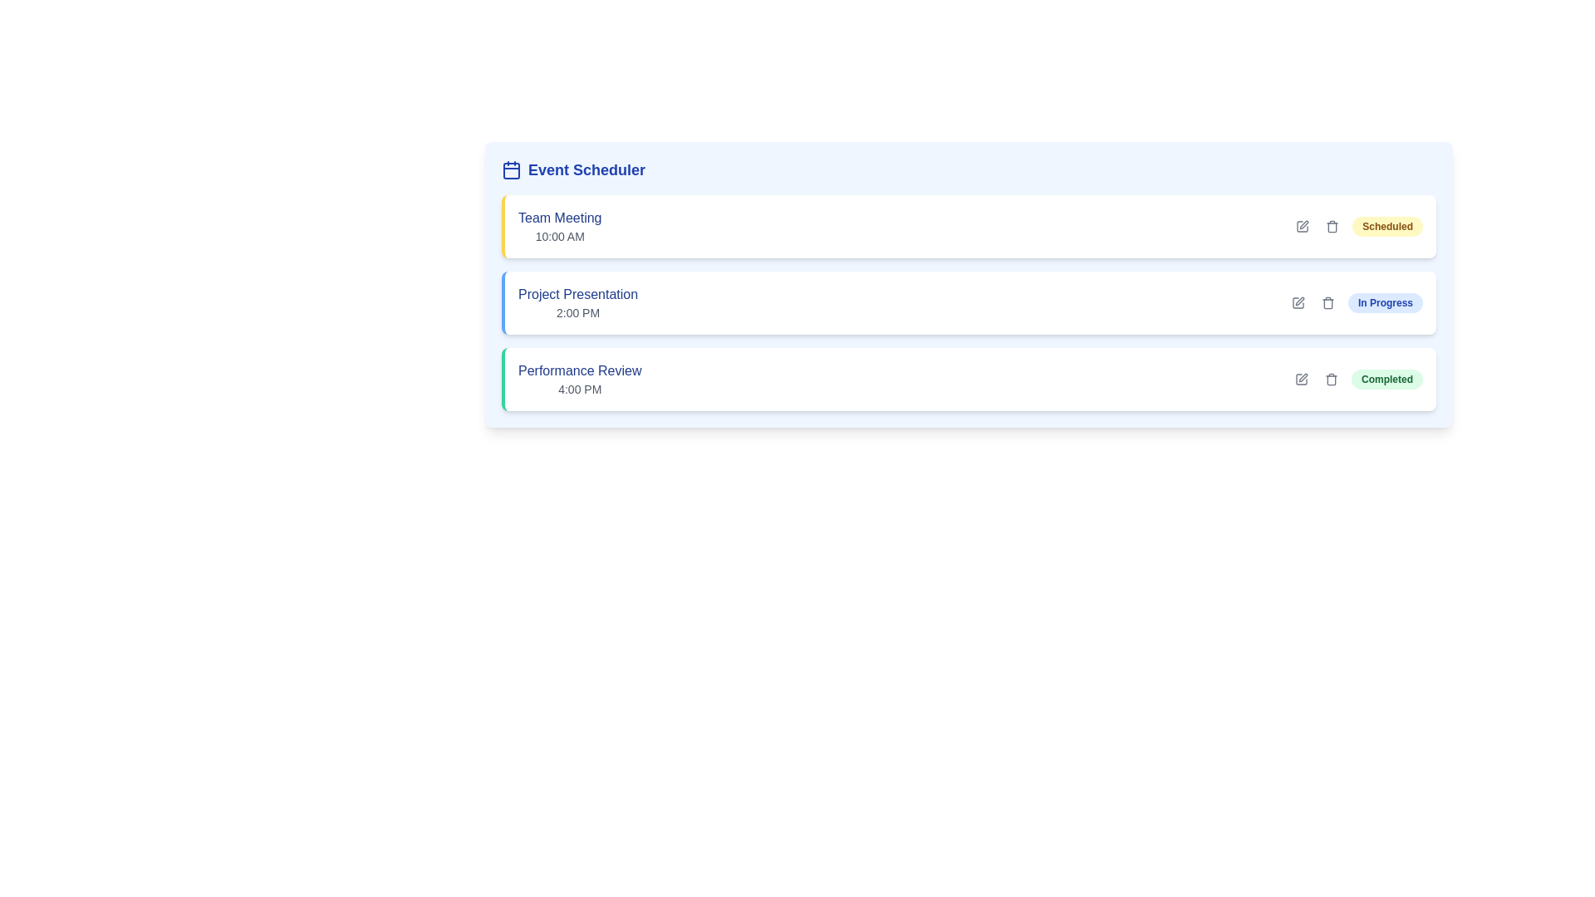  Describe the element at coordinates (1357, 227) in the screenshot. I see `the 'Scheduled' status indicator, which is a small, rounded rectangle with yellow-brown text and a light yellow background, located in the upper-right section of the 'Team Meeting' card, after the edit and delete buttons` at that location.